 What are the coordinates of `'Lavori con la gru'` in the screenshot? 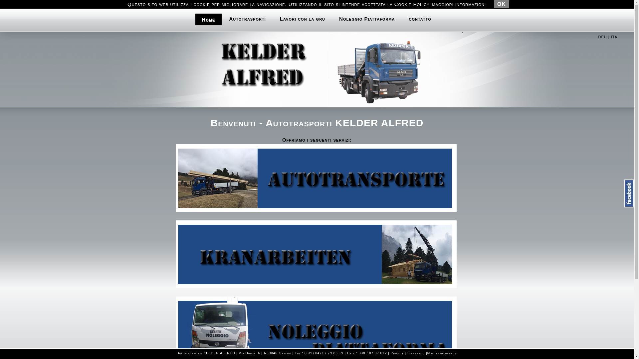 It's located at (302, 18).